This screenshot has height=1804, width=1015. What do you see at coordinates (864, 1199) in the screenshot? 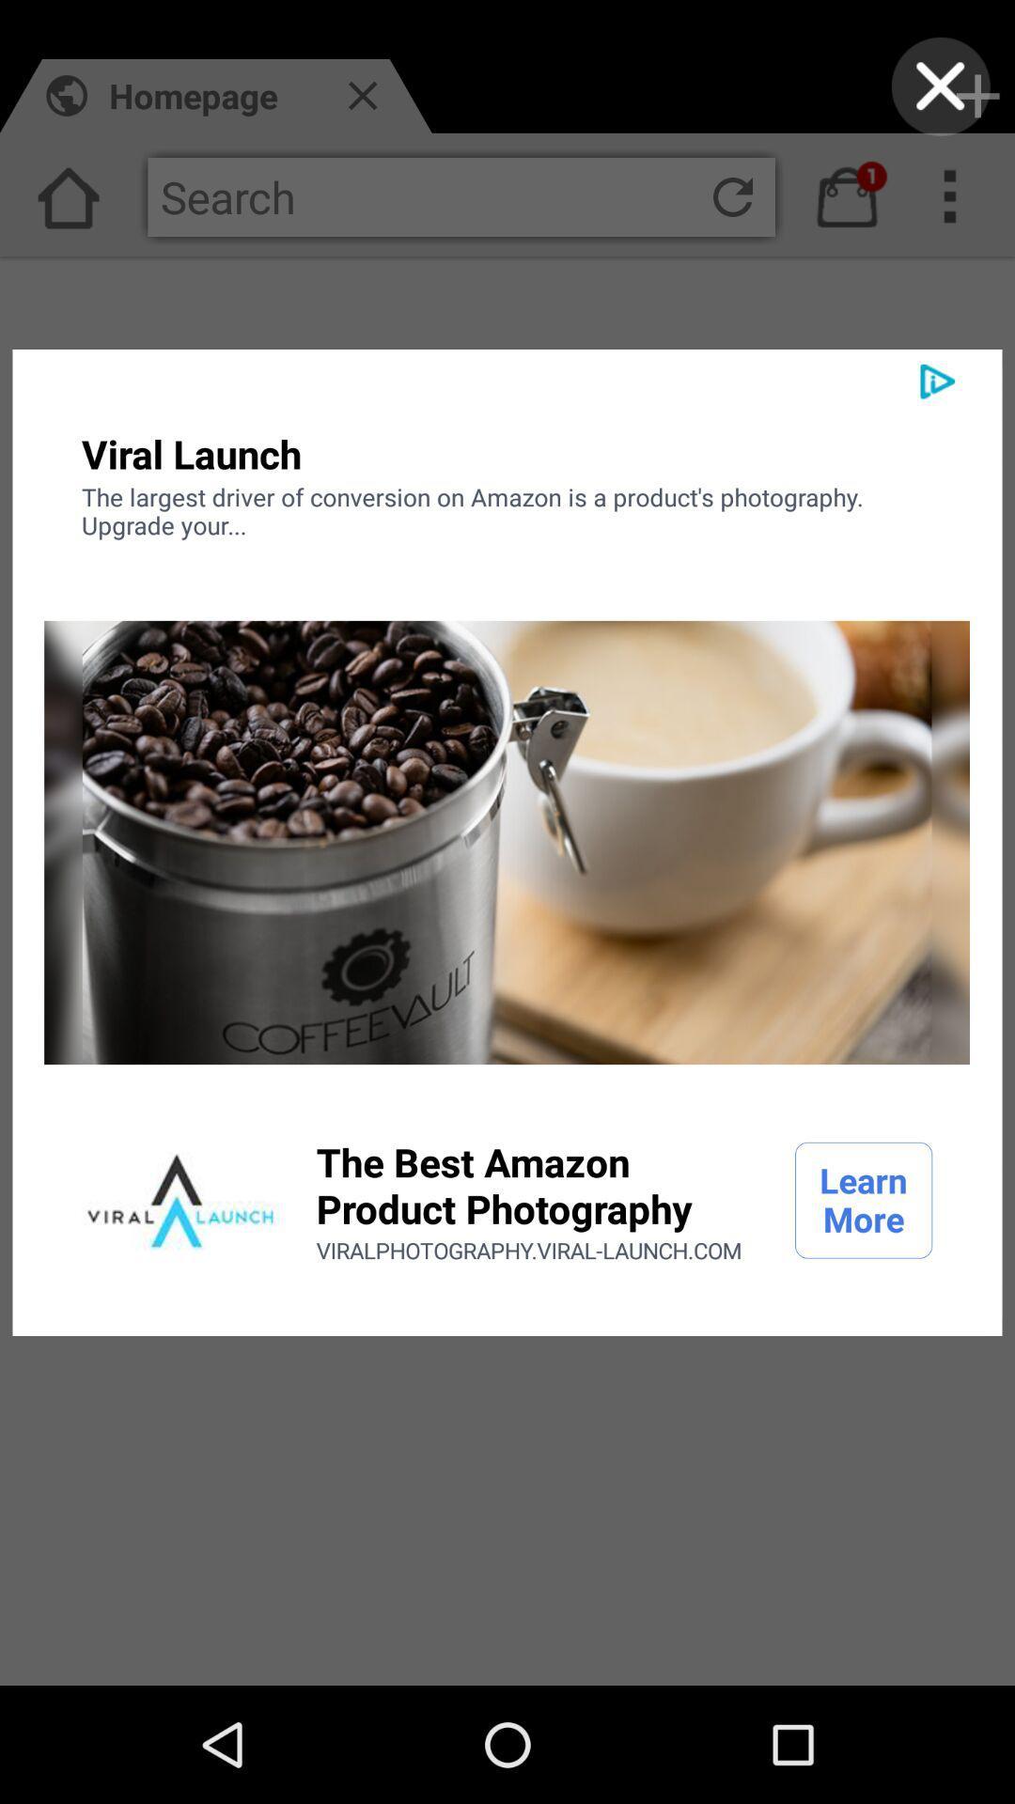
I see `learn more` at bounding box center [864, 1199].